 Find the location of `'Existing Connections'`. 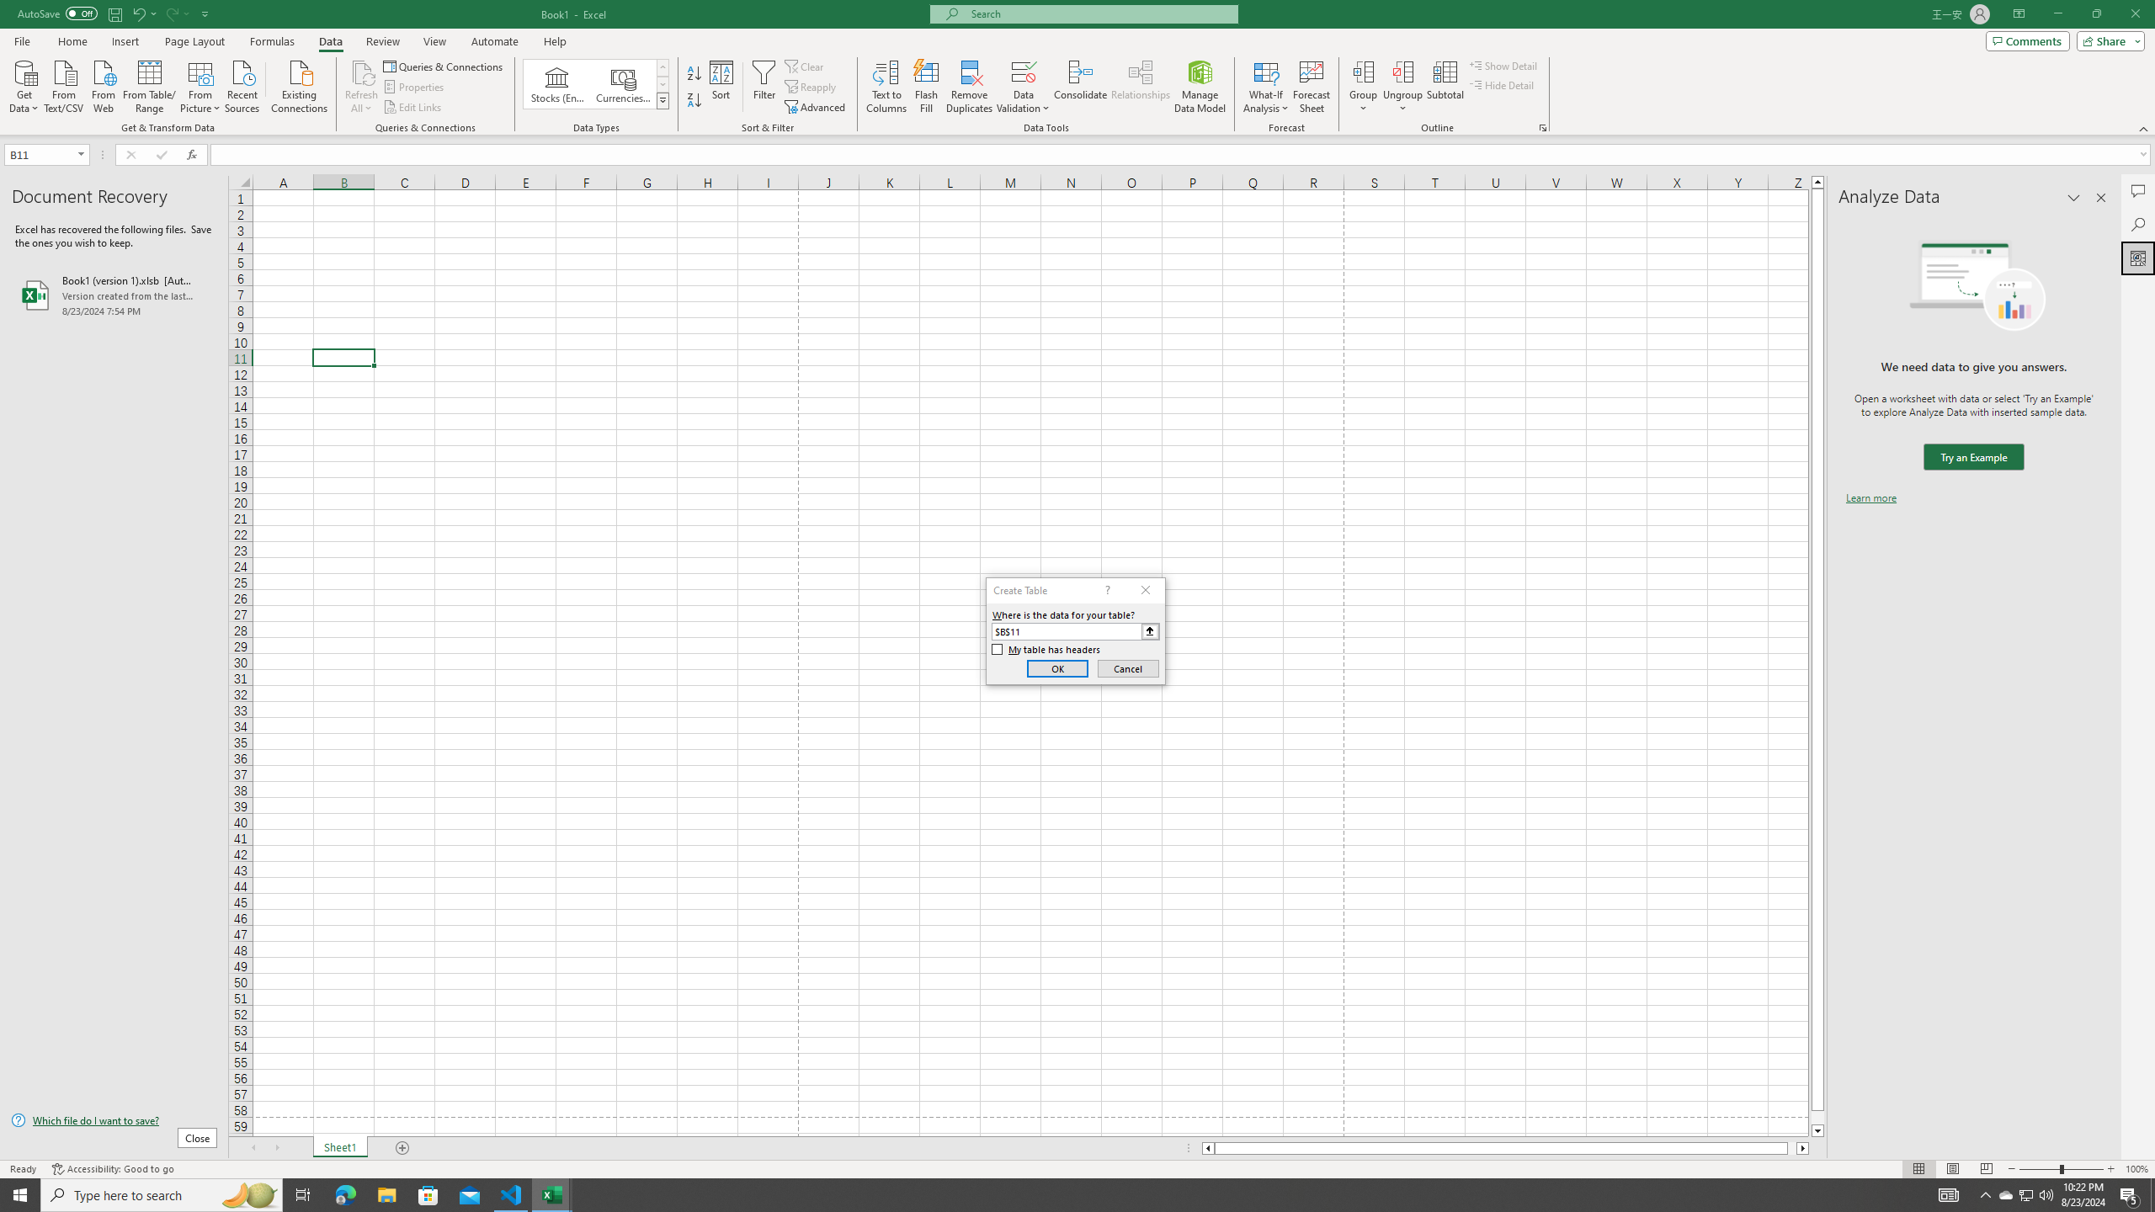

'Existing Connections' is located at coordinates (298, 84).